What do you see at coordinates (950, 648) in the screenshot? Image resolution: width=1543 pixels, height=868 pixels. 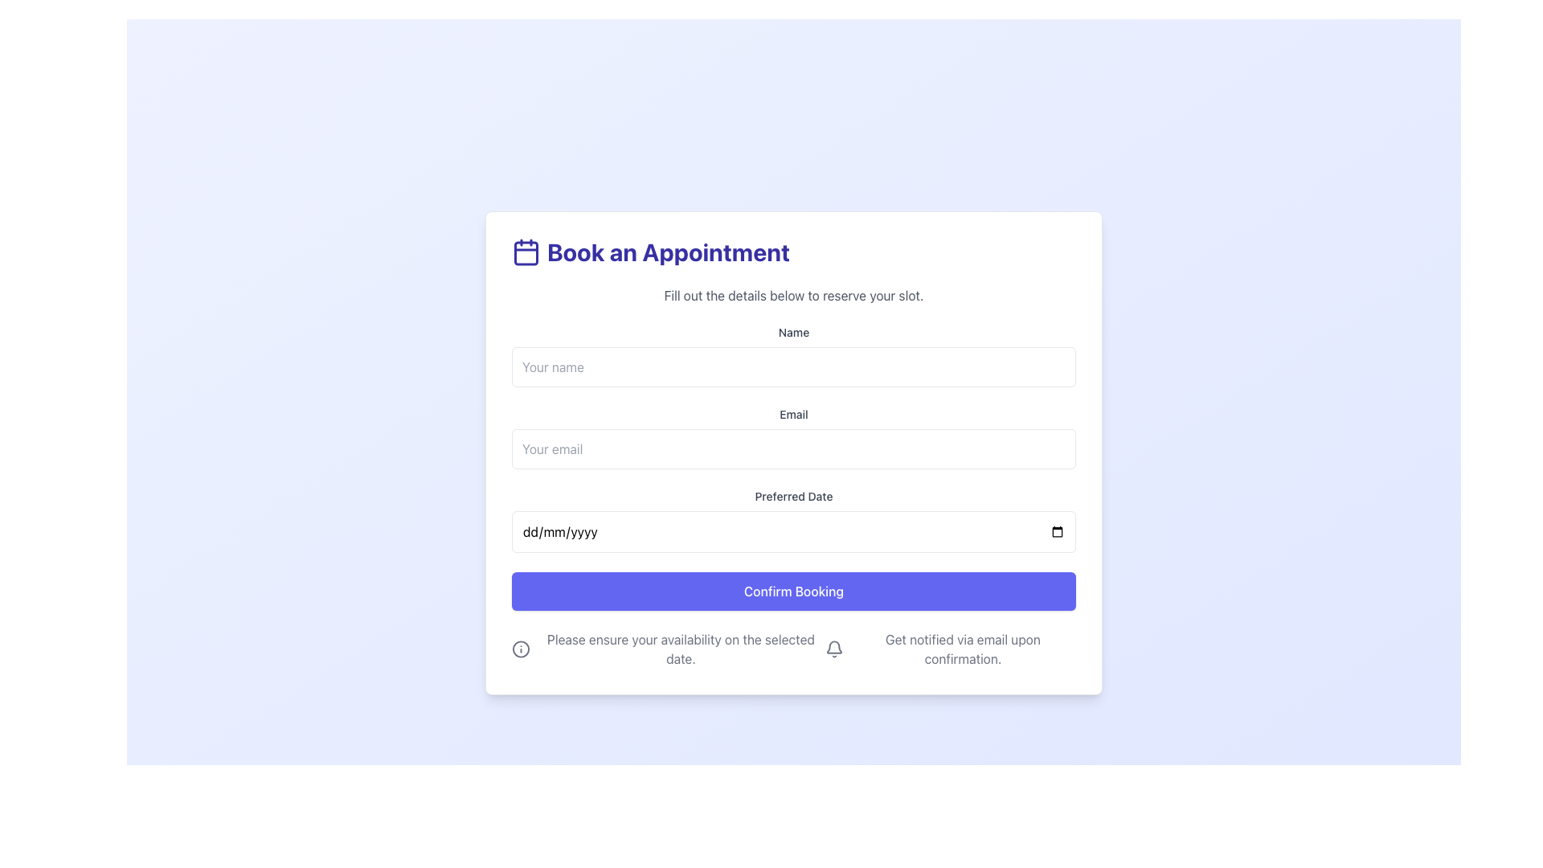 I see `information displayed by the element that shows the text 'Get notified via email upon confirmation.' with a bell-shaped icon to its left, located in the lower right section of the interface` at bounding box center [950, 648].